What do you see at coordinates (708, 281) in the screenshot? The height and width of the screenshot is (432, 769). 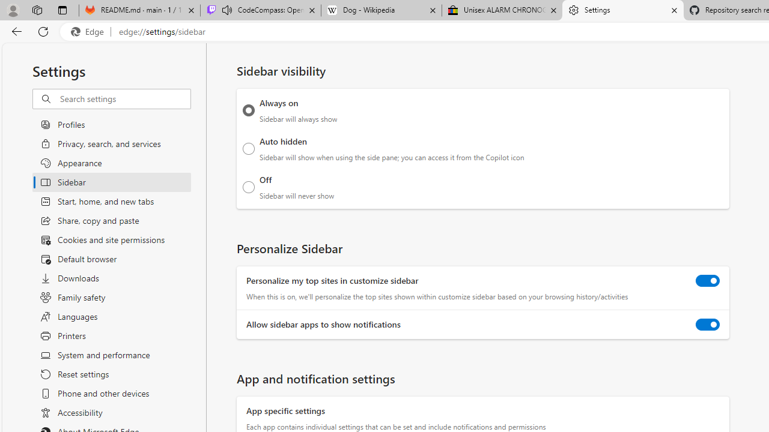 I see `'Personalize my top sites in customize sidebar'` at bounding box center [708, 281].